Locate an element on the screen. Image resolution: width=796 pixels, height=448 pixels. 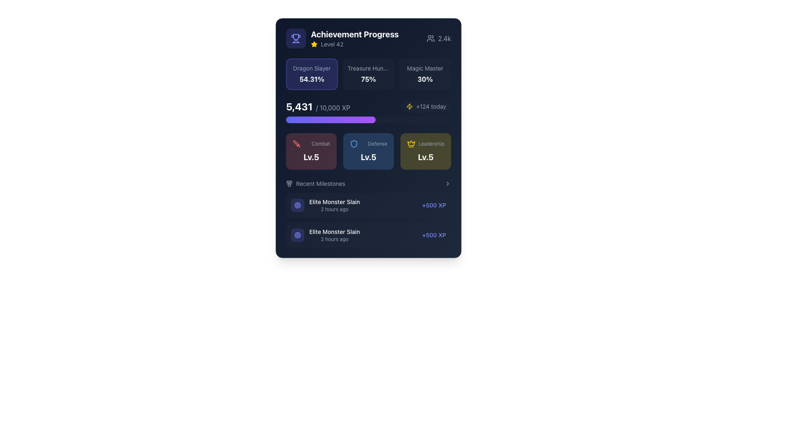
the second Informational card displaying the user's level in the 'Defense' skill category, positioned between the 'Combat' and 'Leadership' cards is located at coordinates (368, 151).